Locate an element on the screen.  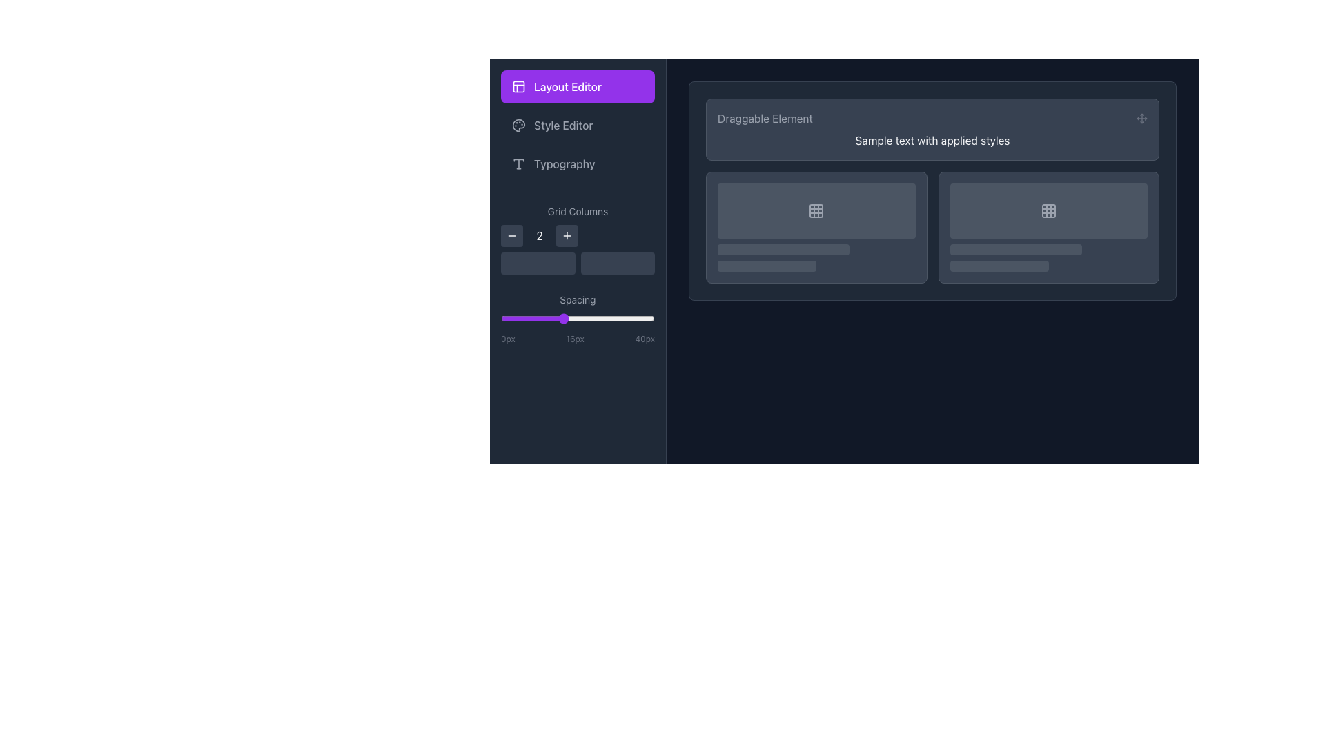
the leftmost button in the 'Grid Columns' section of the layout editor panel to interact with it is located at coordinates (537, 263).